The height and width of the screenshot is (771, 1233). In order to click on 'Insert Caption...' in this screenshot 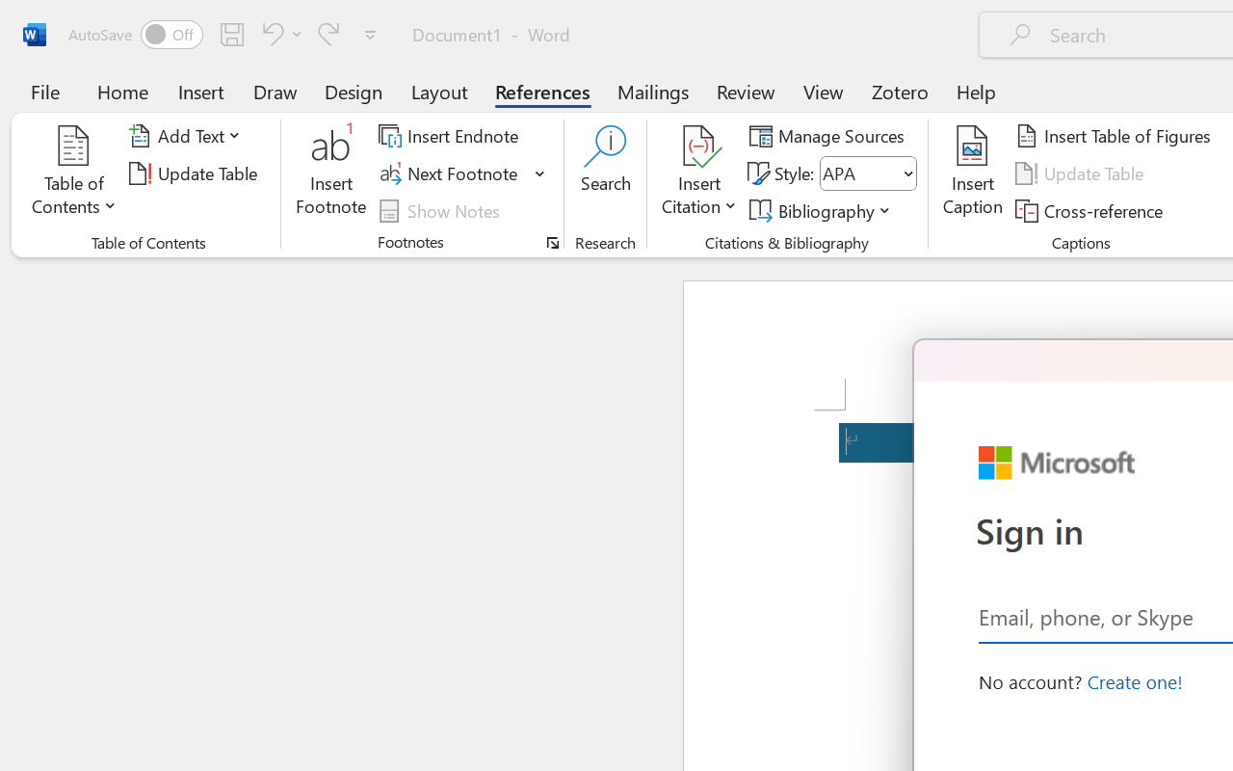, I will do `click(972, 173)`.